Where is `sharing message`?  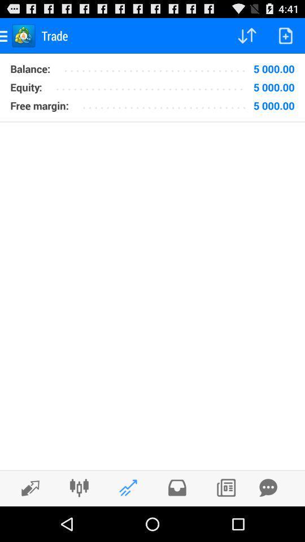
sharing message is located at coordinates (268, 487).